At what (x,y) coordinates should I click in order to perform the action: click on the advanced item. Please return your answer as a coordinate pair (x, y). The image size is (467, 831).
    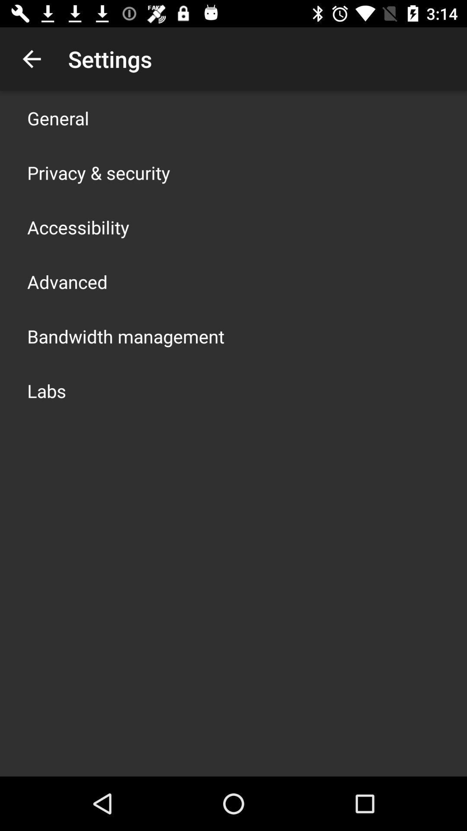
    Looking at the image, I should click on (67, 282).